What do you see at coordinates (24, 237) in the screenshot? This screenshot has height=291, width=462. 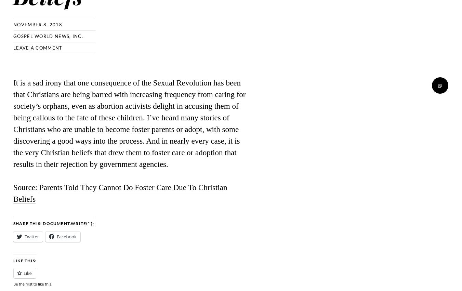 I see `'Twitter'` at bounding box center [24, 237].